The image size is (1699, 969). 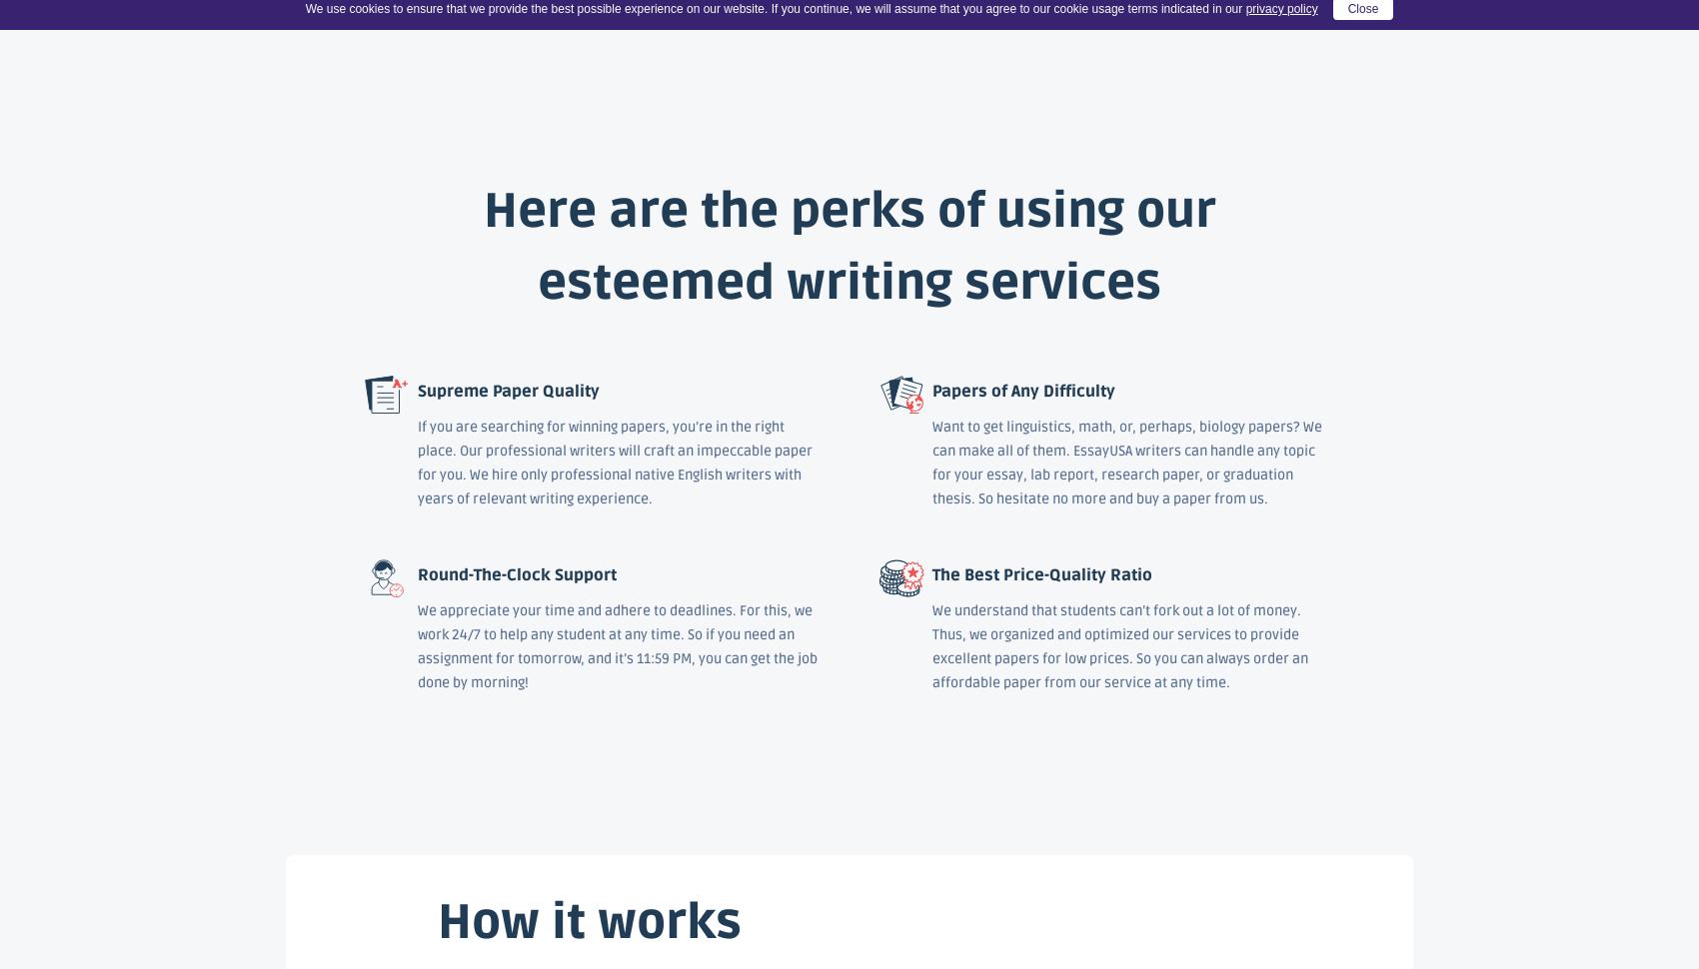 I want to click on 'Round-The-Clock Support', so click(x=517, y=573).